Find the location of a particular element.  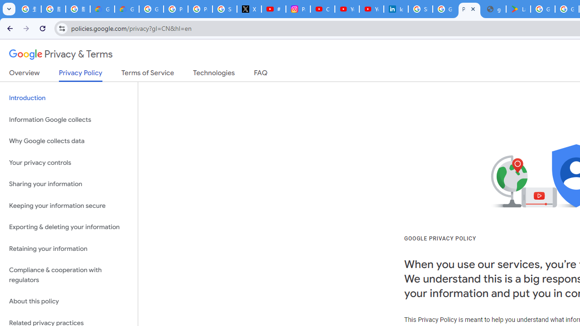

'Google Cloud Privacy Notice' is located at coordinates (102, 9).